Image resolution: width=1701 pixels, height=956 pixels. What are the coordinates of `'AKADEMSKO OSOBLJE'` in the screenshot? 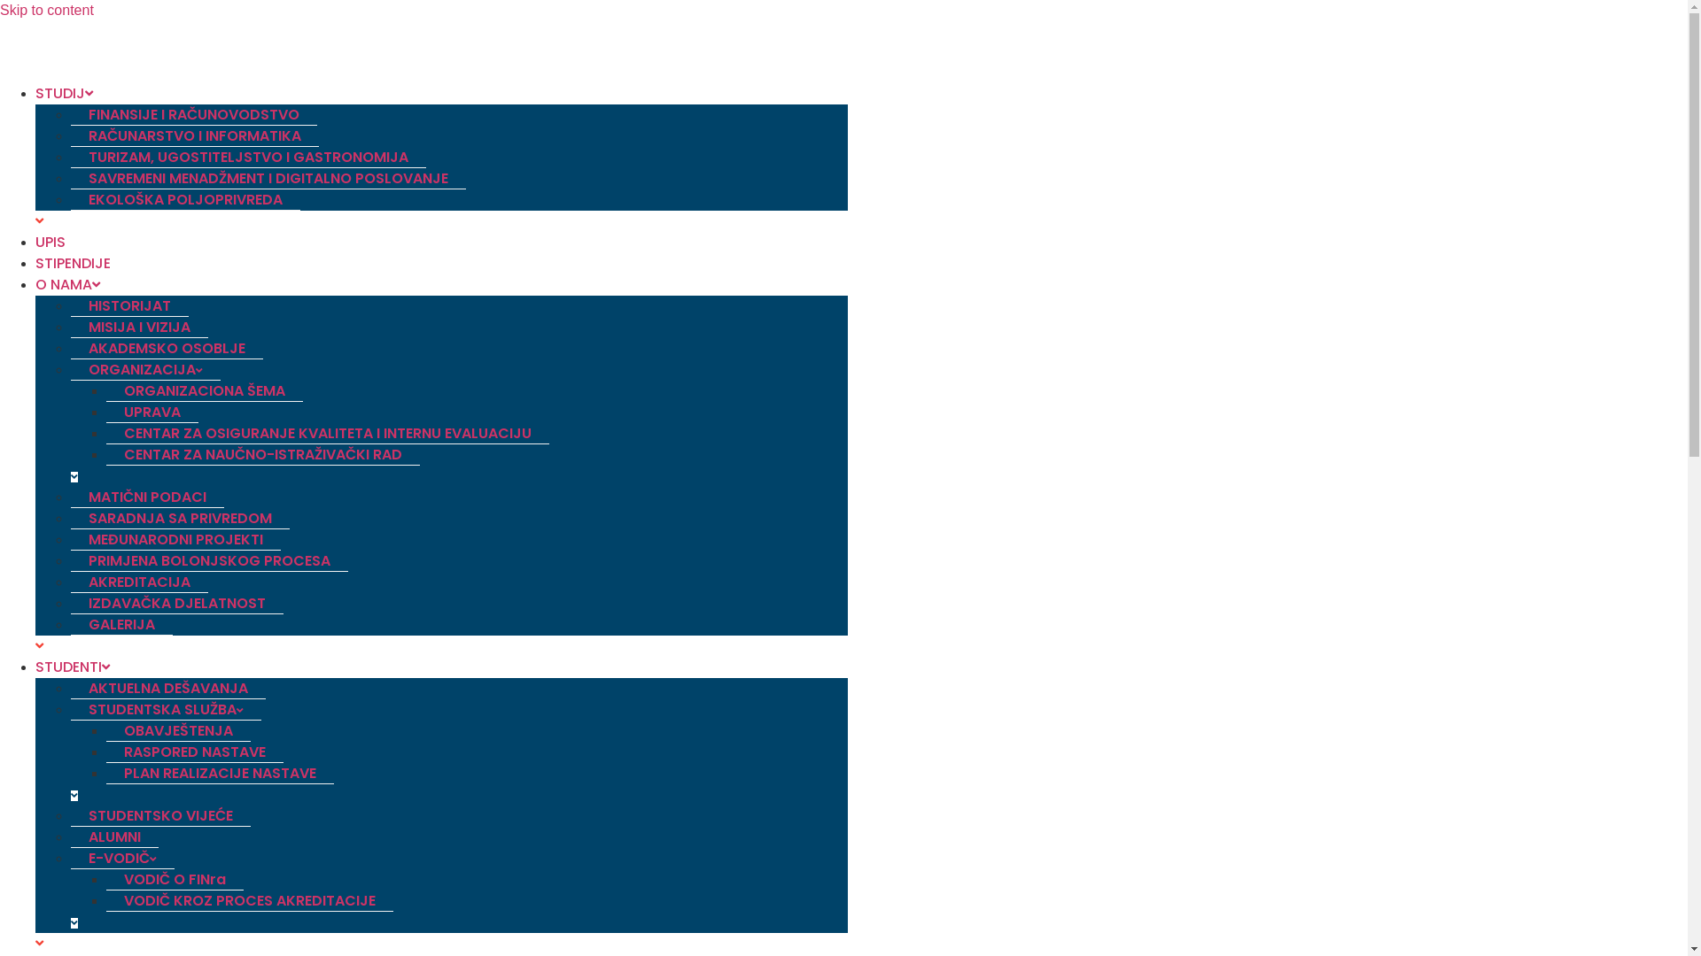 It's located at (71, 348).